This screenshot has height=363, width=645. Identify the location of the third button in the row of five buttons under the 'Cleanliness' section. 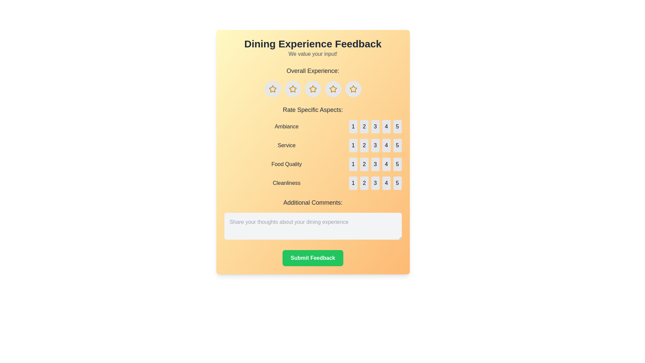
(375, 183).